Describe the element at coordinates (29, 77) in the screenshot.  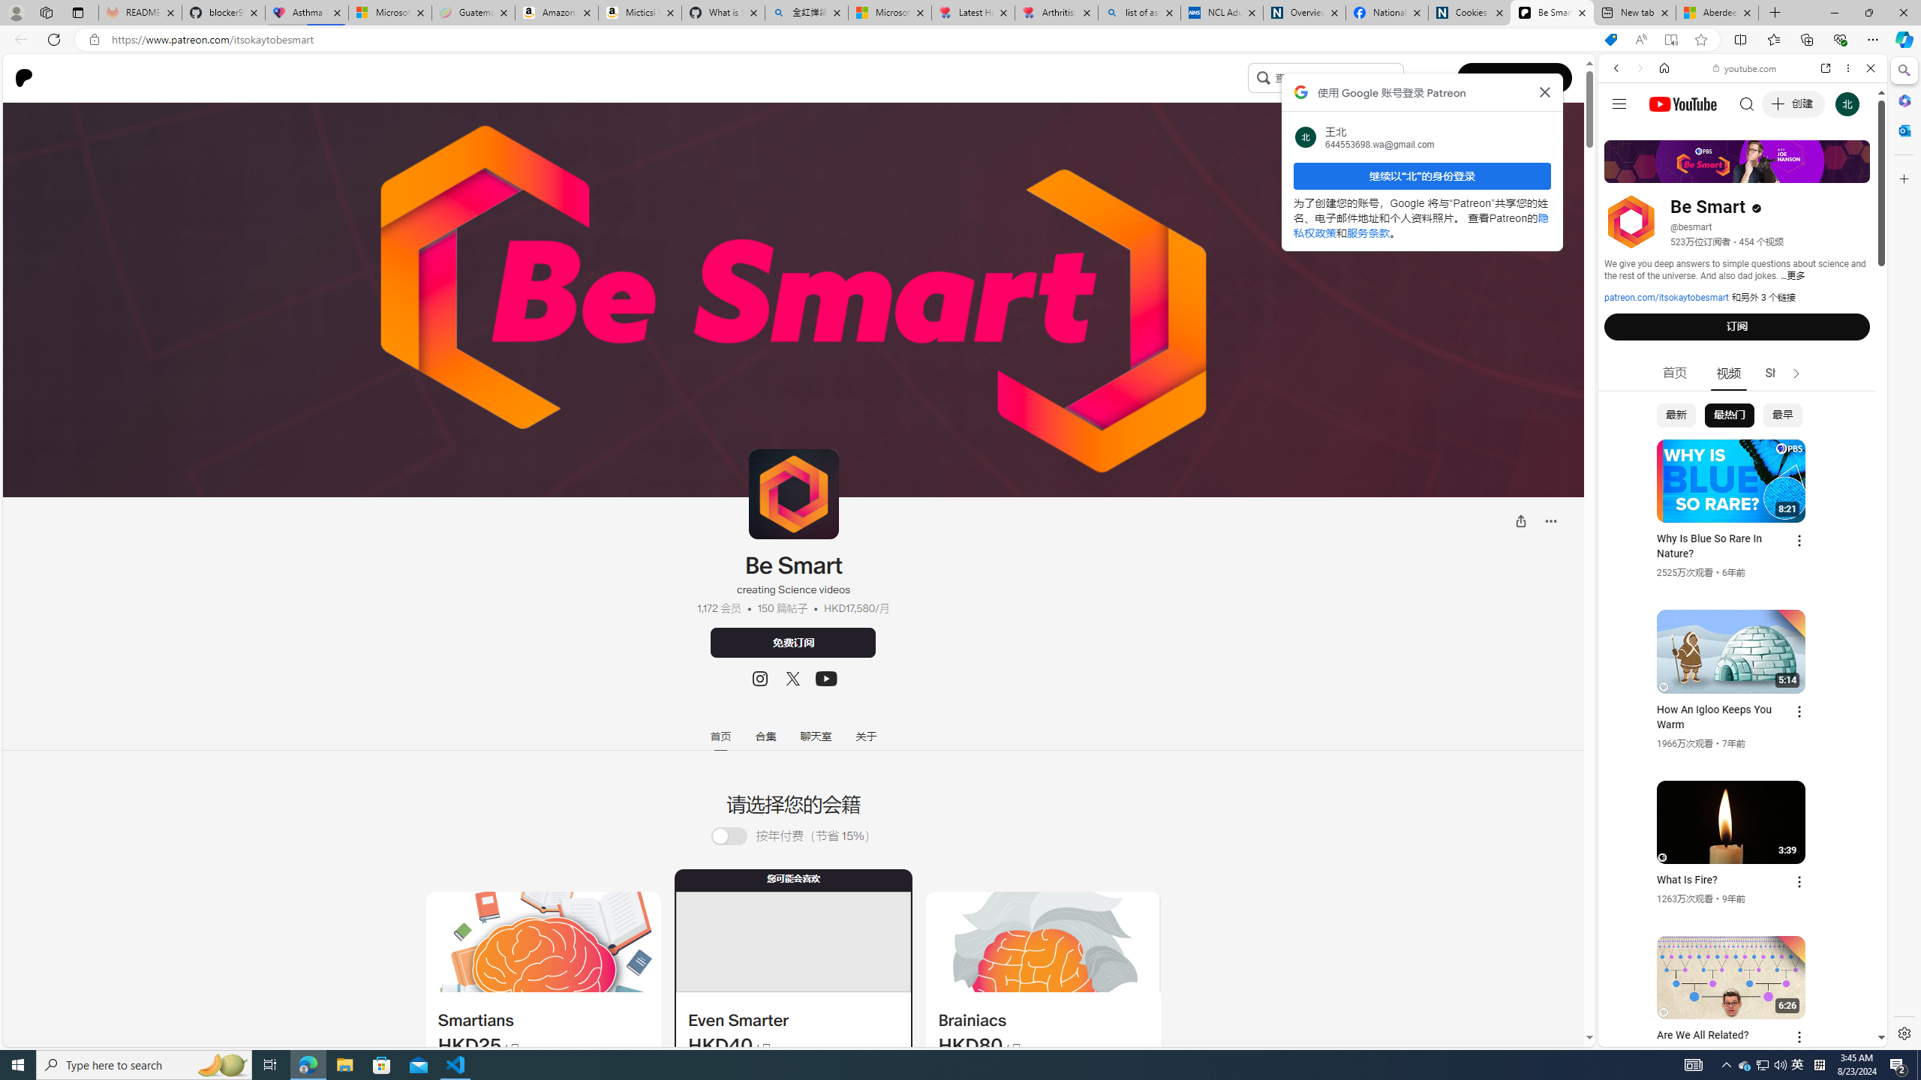
I see `'Go to home page'` at that location.